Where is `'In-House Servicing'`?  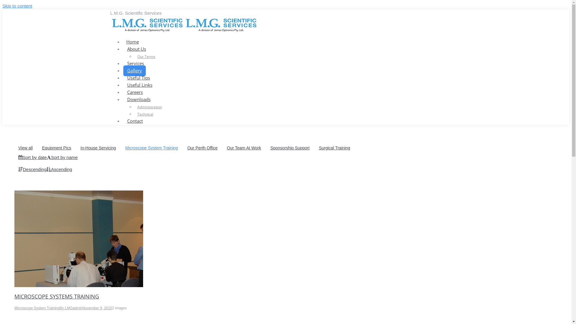 'In-House Servicing' is located at coordinates (98, 148).